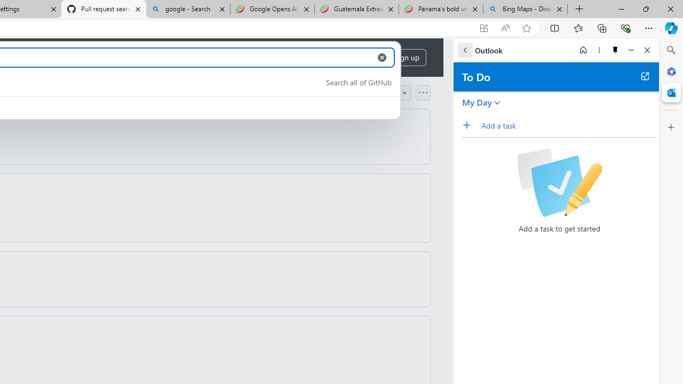 The image size is (683, 384). What do you see at coordinates (483, 28) in the screenshot?
I see `'App available. Install GitHub'` at bounding box center [483, 28].